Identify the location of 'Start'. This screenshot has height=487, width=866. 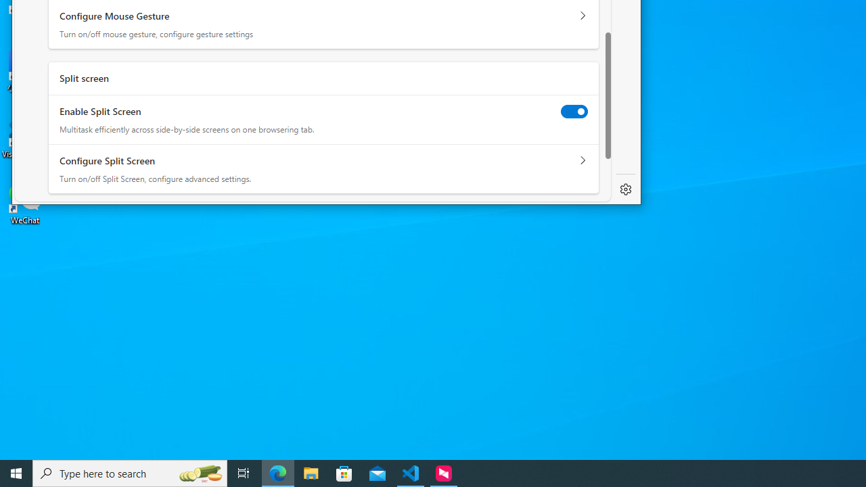
(16, 472).